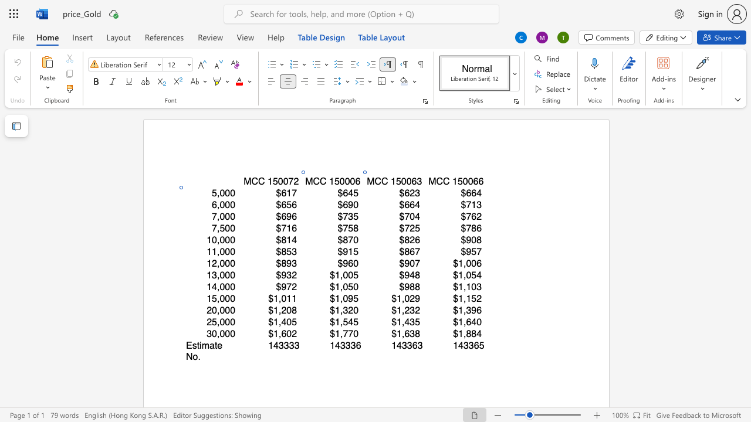  I want to click on the 1th character "C" in the text, so click(378, 181).